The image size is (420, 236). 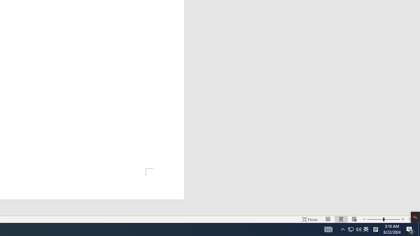 What do you see at coordinates (383, 219) in the screenshot?
I see `'Zoom'` at bounding box center [383, 219].